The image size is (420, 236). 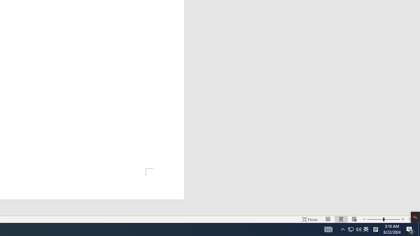 What do you see at coordinates (383, 219) in the screenshot?
I see `'Zoom'` at bounding box center [383, 219].